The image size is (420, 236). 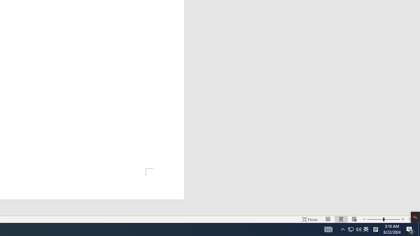 What do you see at coordinates (383, 219) in the screenshot?
I see `'Zoom'` at bounding box center [383, 219].